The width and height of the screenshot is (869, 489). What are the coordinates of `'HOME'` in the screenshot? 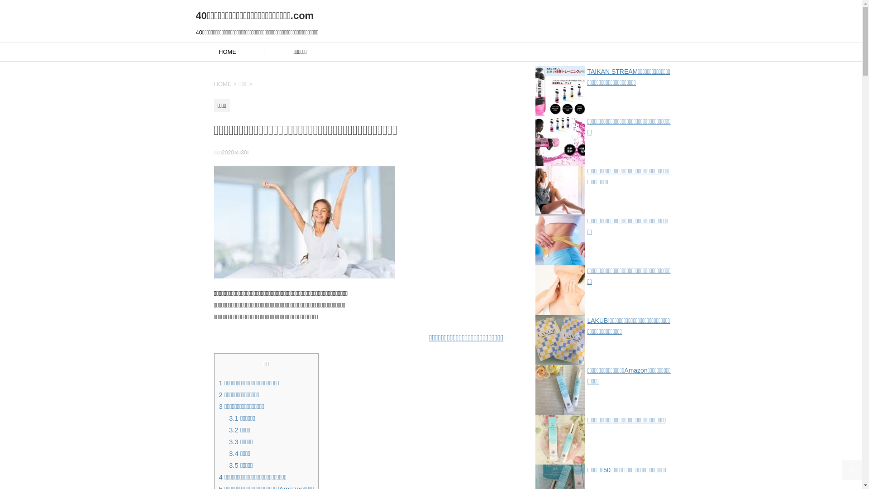 It's located at (191, 52).